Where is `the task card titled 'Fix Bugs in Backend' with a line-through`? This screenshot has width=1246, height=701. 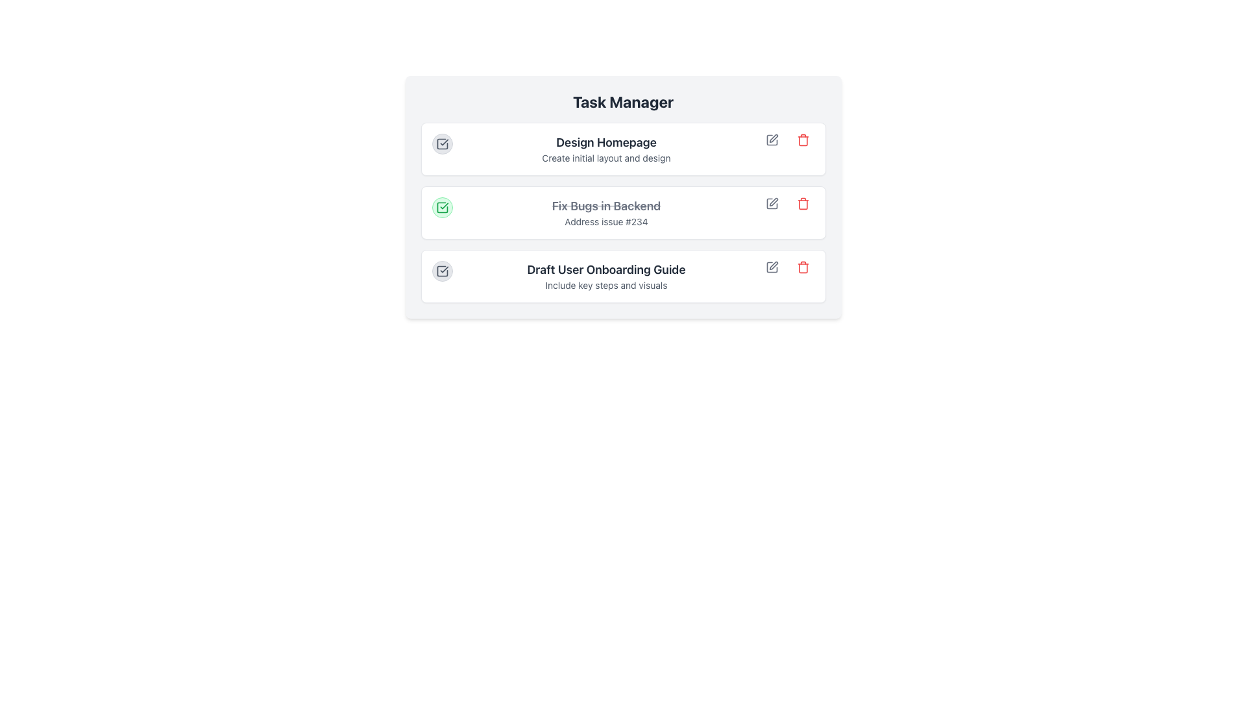
the task card titled 'Fix Bugs in Backend' with a line-through is located at coordinates (623, 212).